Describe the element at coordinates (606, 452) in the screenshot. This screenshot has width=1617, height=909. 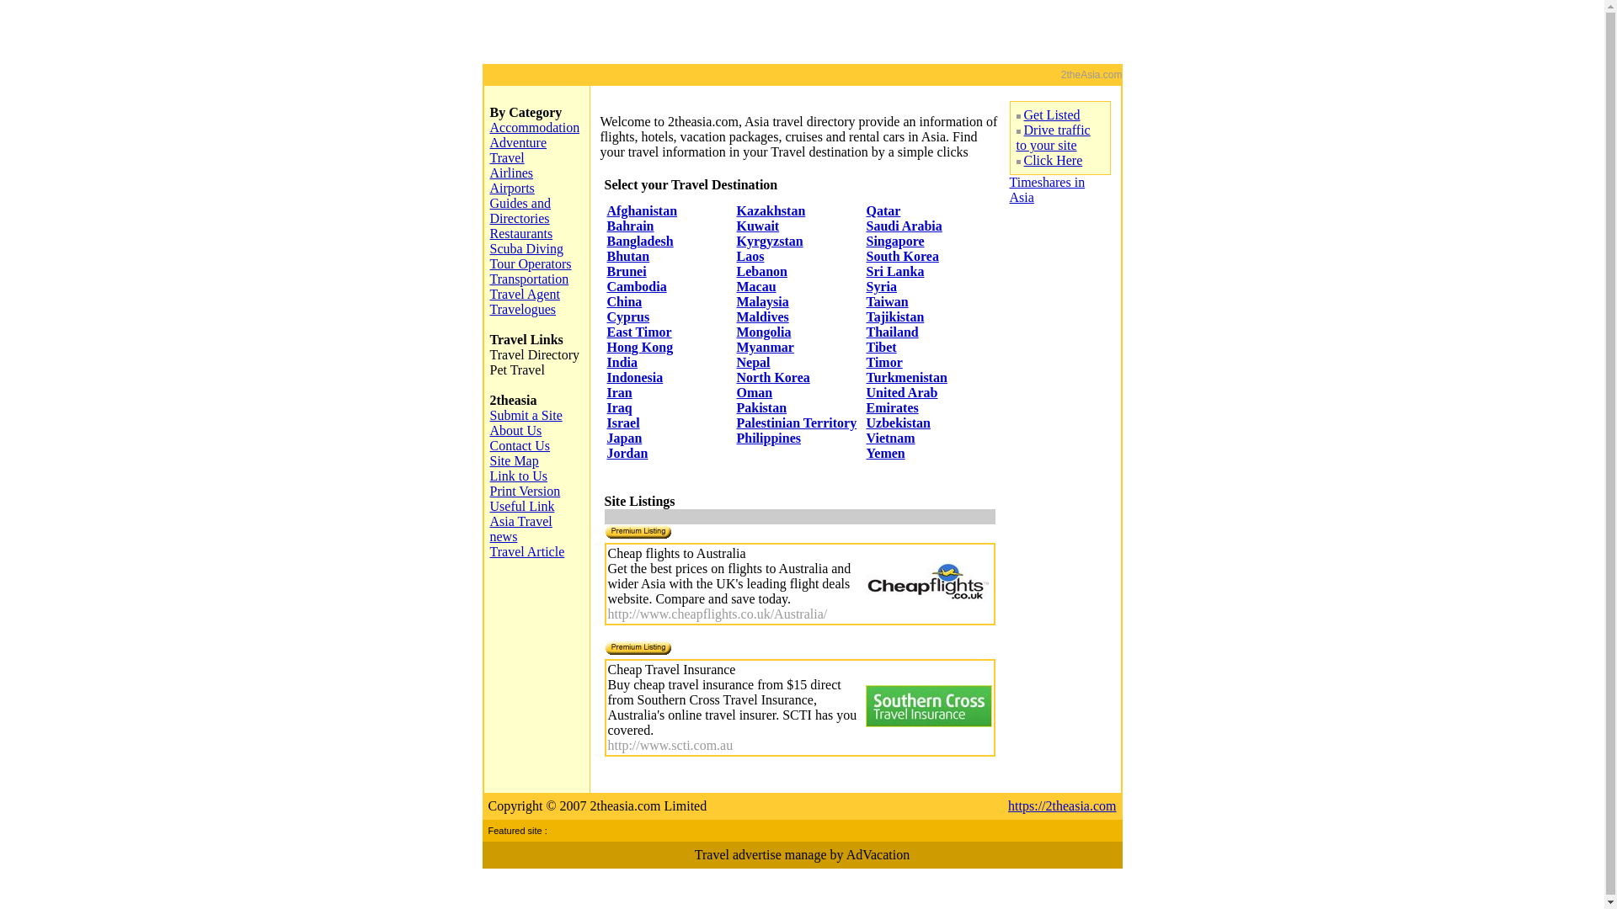
I see `'Jordan'` at that location.